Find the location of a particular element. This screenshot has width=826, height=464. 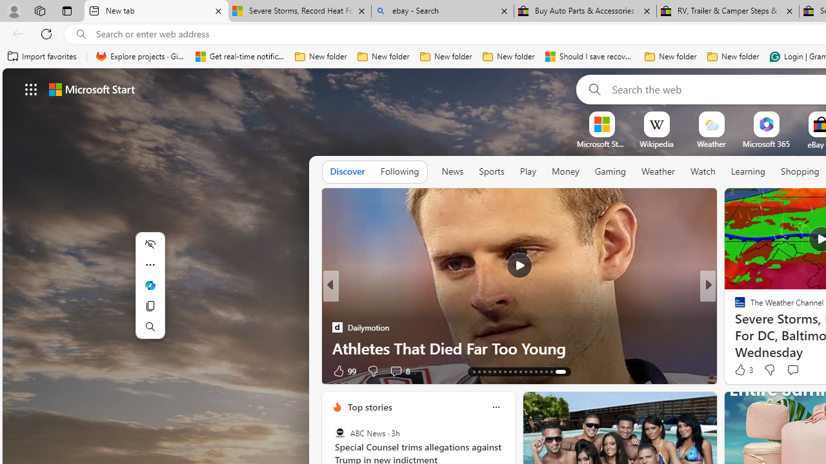

'7 Like' is located at coordinates (739, 371).